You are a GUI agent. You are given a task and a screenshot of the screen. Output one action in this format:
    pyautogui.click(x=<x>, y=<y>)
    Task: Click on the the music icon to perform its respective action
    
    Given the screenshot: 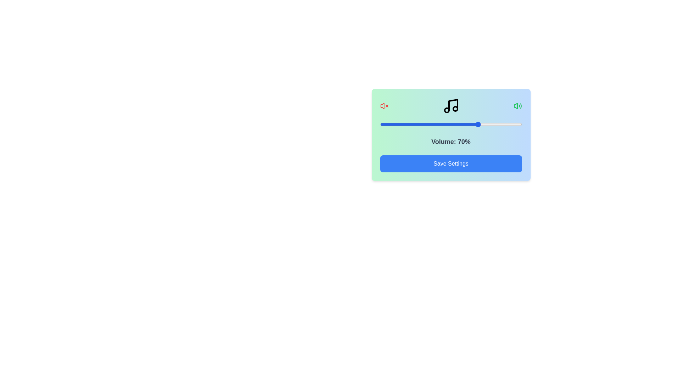 What is the action you would take?
    pyautogui.click(x=450, y=106)
    